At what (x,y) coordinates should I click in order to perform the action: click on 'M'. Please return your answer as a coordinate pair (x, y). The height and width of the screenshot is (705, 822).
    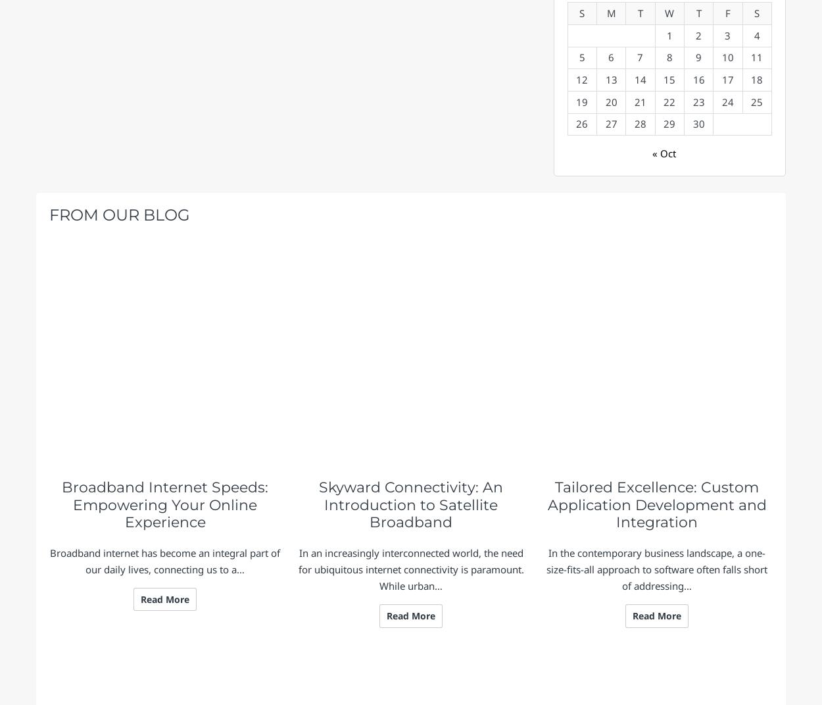
    Looking at the image, I should click on (611, 13).